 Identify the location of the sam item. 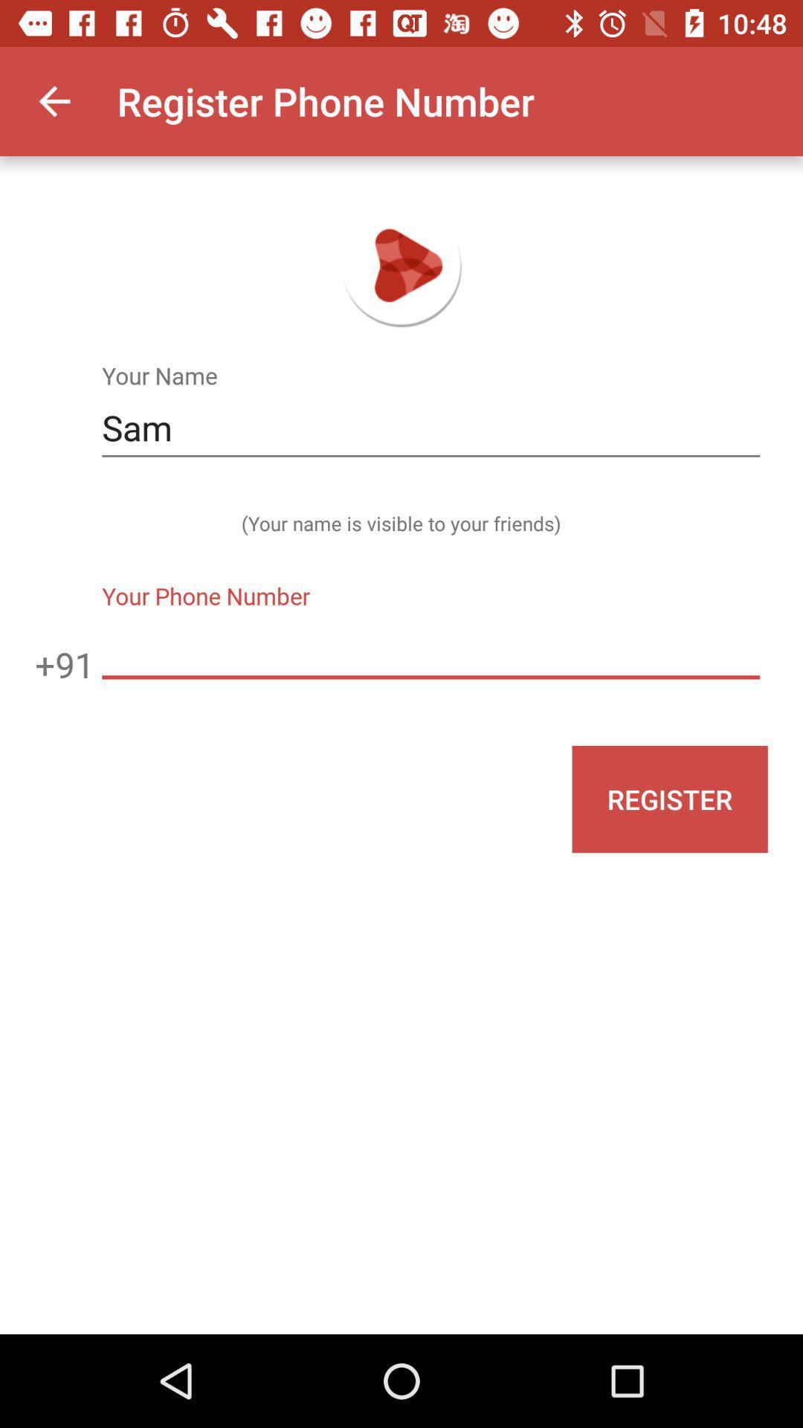
(430, 428).